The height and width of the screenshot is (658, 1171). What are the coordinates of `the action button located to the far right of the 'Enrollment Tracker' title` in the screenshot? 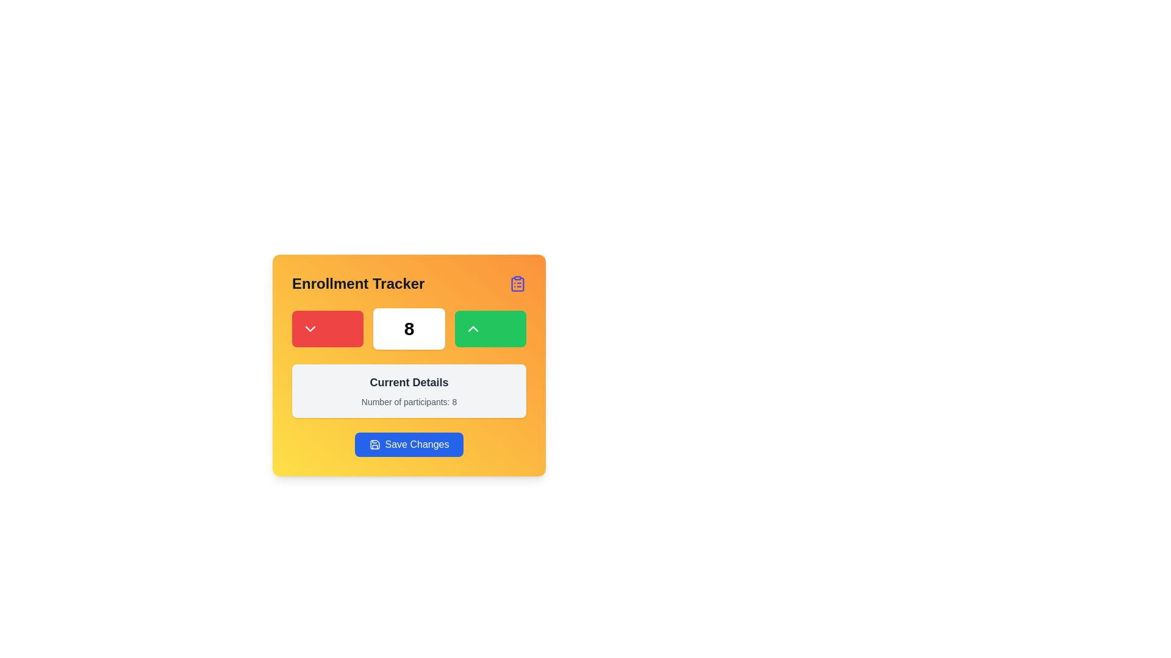 It's located at (518, 284).